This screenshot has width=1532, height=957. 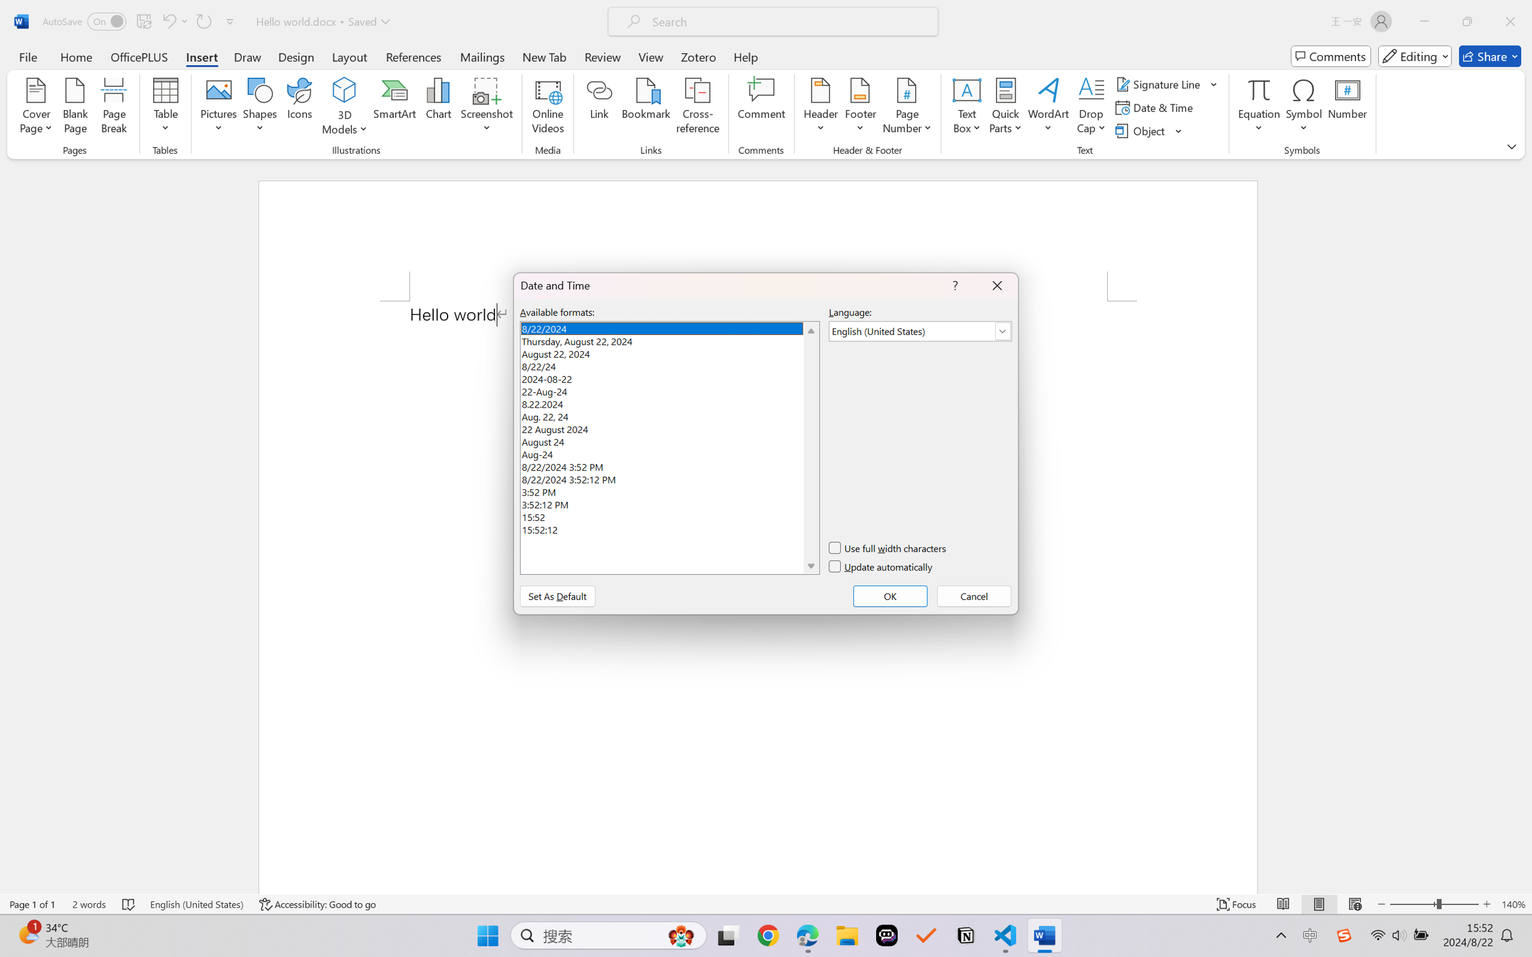 I want to click on 'Restore Down', so click(x=1467, y=21).